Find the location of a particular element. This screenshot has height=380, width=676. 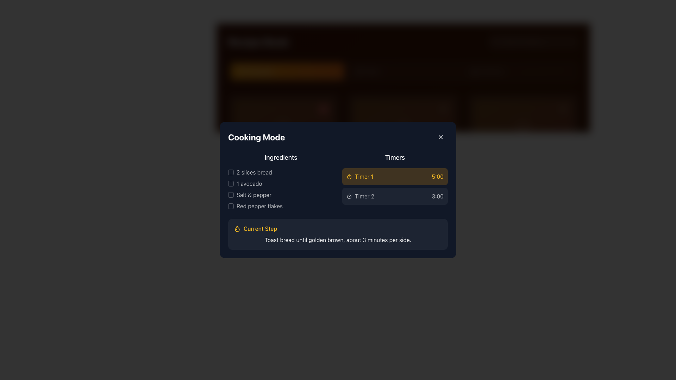

the interactive timer element located in the 'Timers' section of the 'Cooking Mode' card, positioned above 'Timer 2' is located at coordinates (395, 181).